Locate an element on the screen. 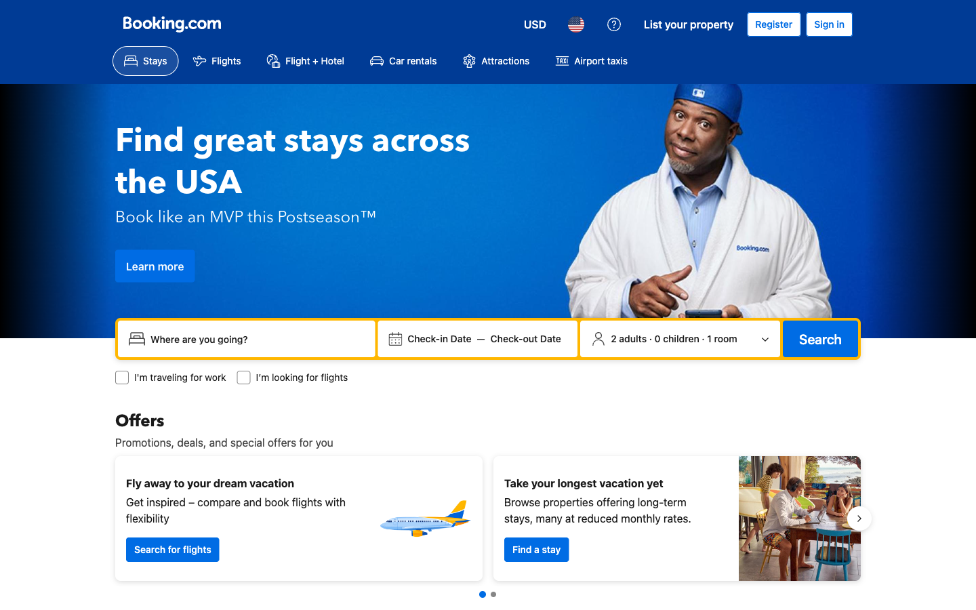  Check the available check in dates using the check in Data button is located at coordinates (439, 338).